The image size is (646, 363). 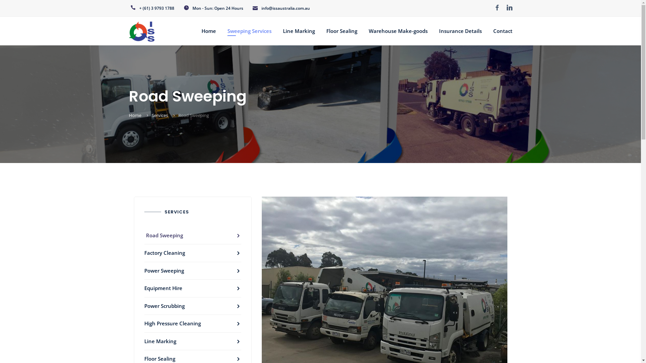 I want to click on 'Line Marking', so click(x=192, y=341).